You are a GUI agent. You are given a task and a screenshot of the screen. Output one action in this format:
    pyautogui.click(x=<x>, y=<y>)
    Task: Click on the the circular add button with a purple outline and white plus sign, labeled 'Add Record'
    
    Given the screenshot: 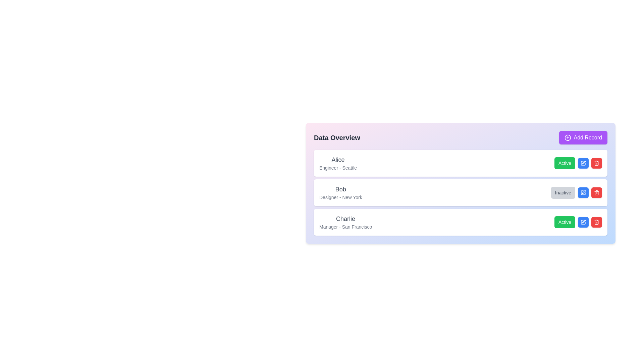 What is the action you would take?
    pyautogui.click(x=567, y=137)
    